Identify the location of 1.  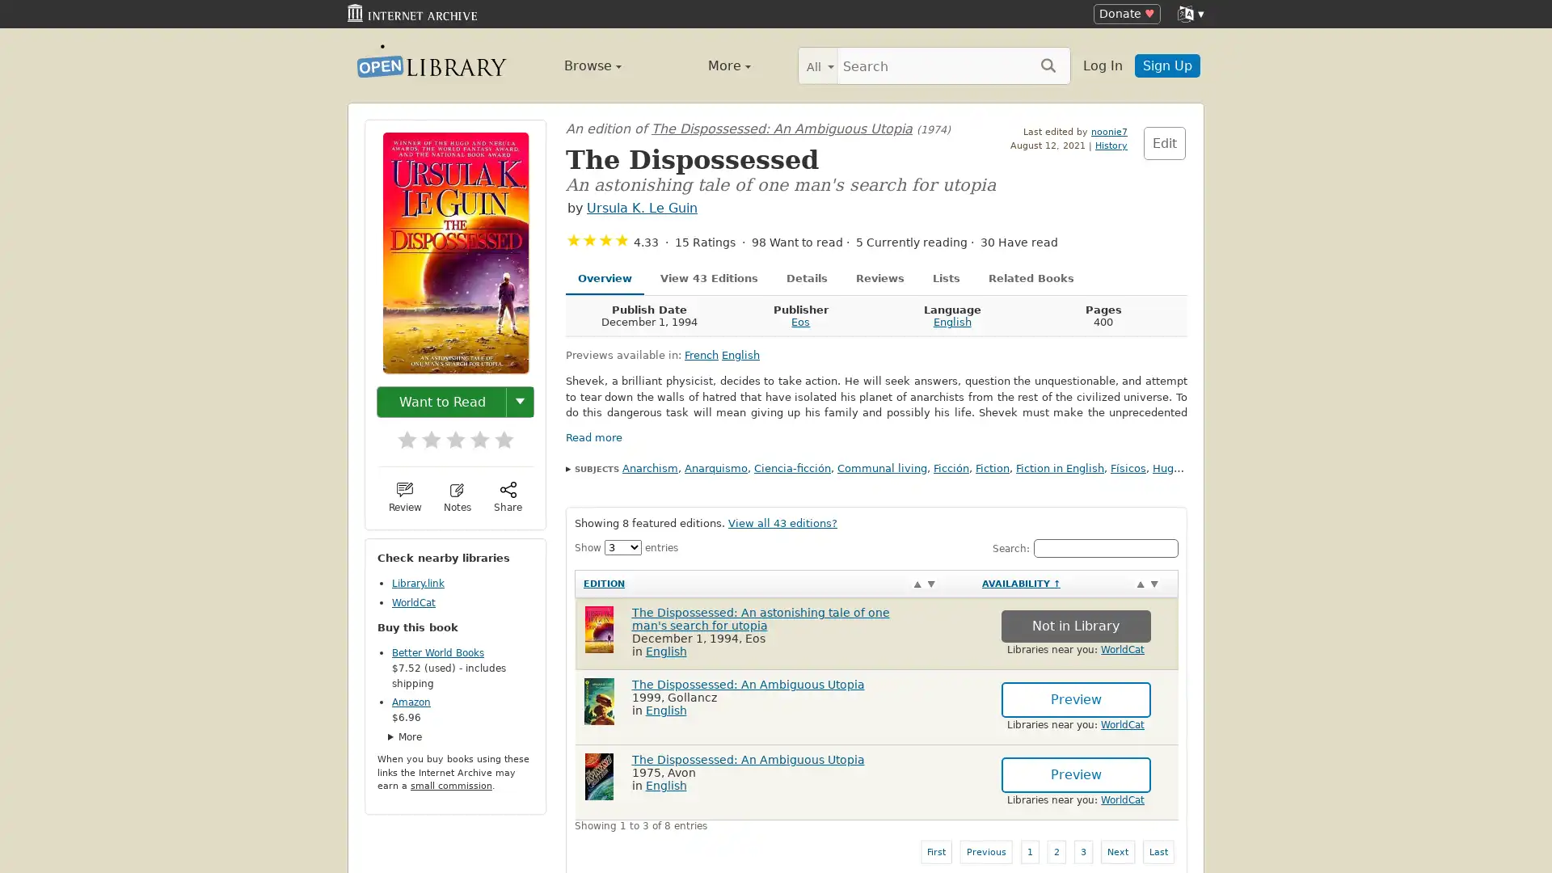
(399, 433).